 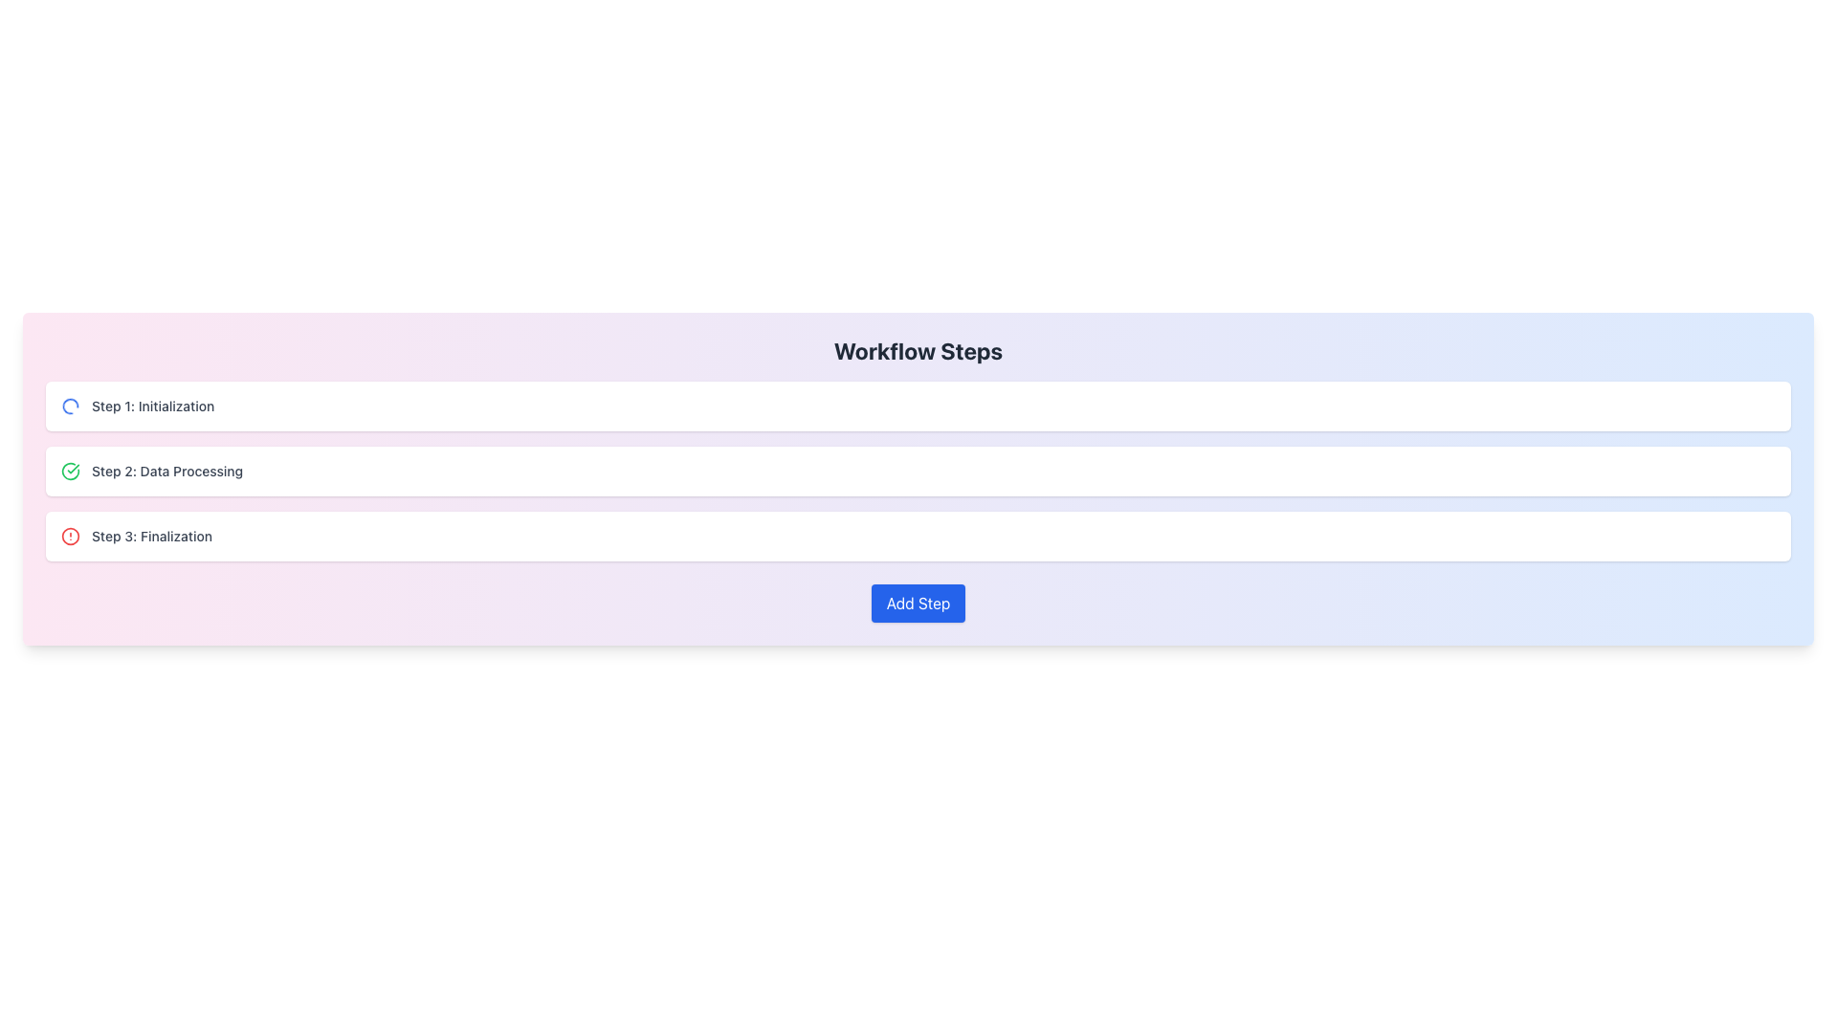 What do you see at coordinates (918, 604) in the screenshot?
I see `the button located beneath 'Step 3: Finalization'` at bounding box center [918, 604].